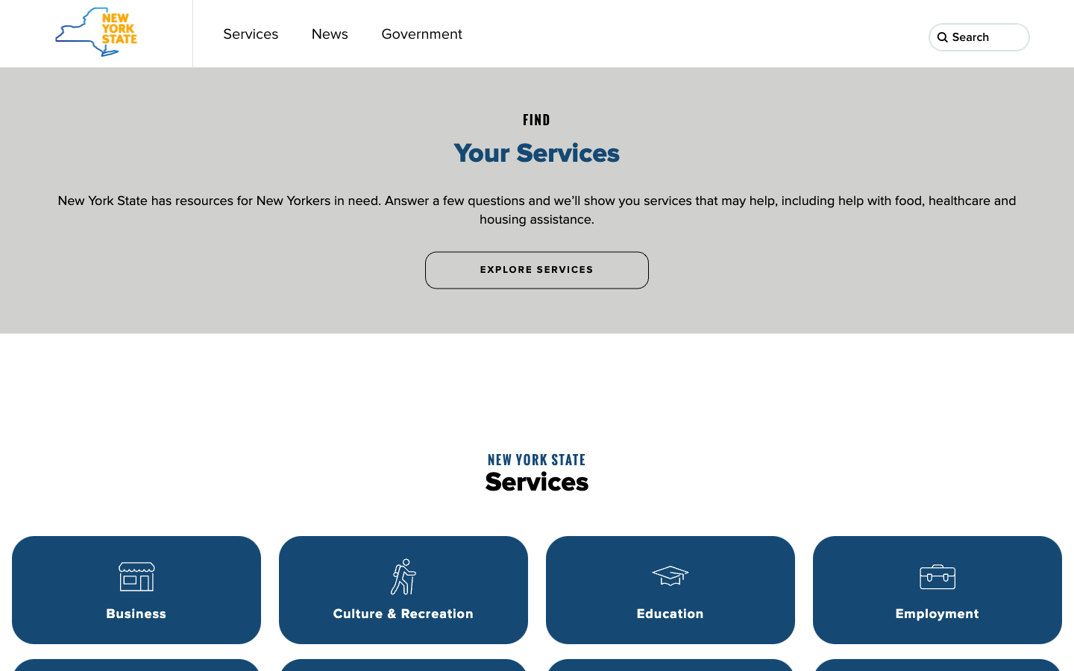 Image resolution: width=1074 pixels, height=671 pixels. Describe the element at coordinates (537, 269) in the screenshot. I see `To view more services, click on "Explore Services" button` at that location.